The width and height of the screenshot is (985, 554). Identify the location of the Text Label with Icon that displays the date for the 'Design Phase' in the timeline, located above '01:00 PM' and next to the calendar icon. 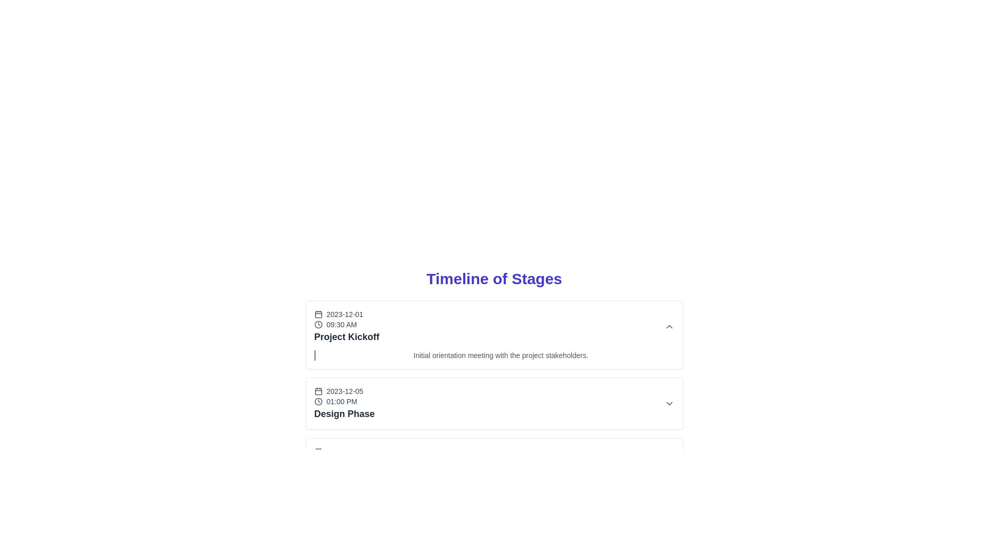
(344, 391).